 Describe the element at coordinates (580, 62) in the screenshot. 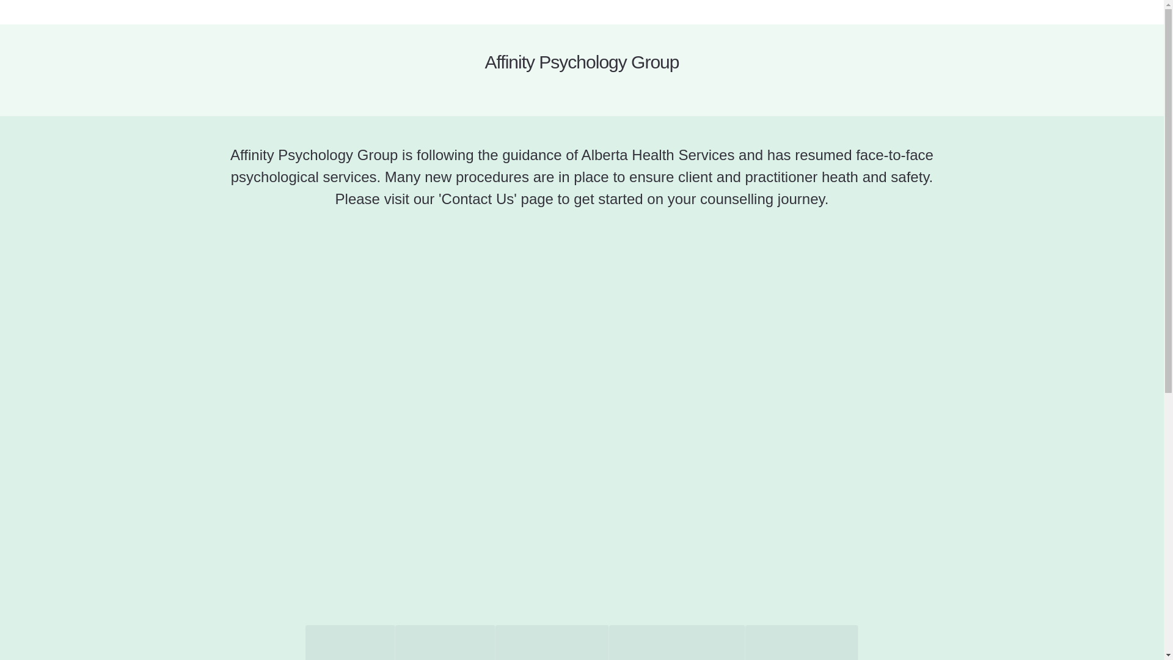

I see `'Affinity Psychology Group'` at that location.